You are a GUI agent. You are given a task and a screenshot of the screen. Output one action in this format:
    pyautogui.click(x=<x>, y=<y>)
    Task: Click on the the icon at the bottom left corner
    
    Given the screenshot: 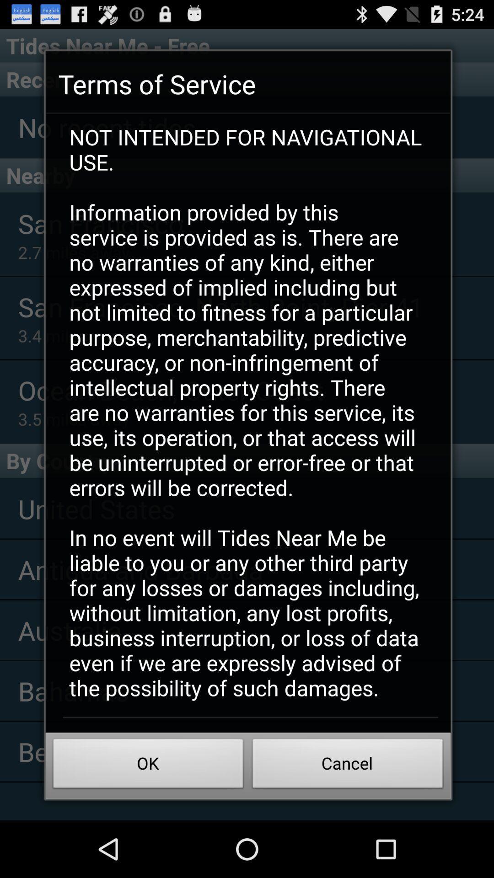 What is the action you would take?
    pyautogui.click(x=148, y=766)
    